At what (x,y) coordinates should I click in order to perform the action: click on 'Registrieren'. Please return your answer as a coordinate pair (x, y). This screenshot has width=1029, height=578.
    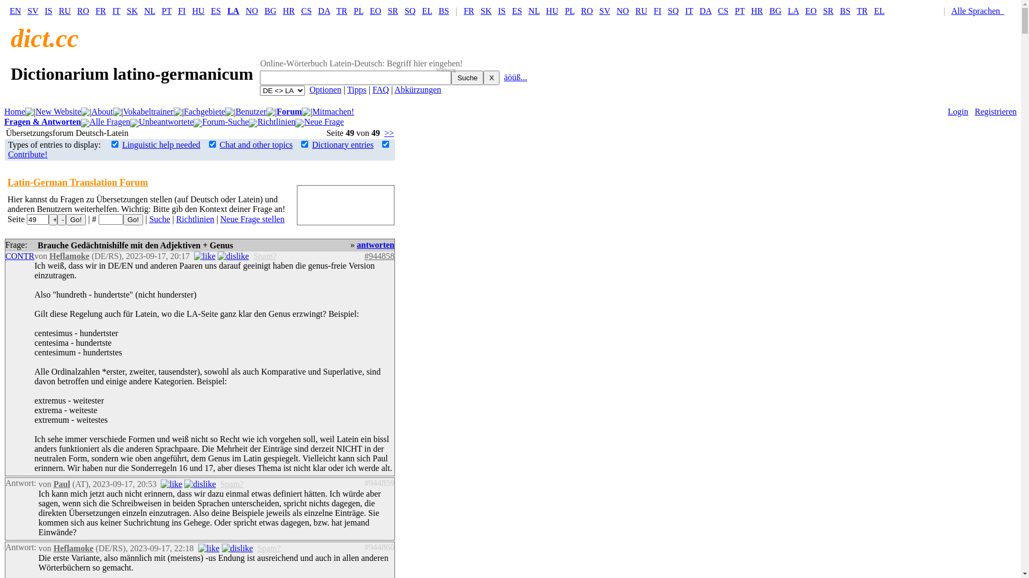
    Looking at the image, I should click on (995, 111).